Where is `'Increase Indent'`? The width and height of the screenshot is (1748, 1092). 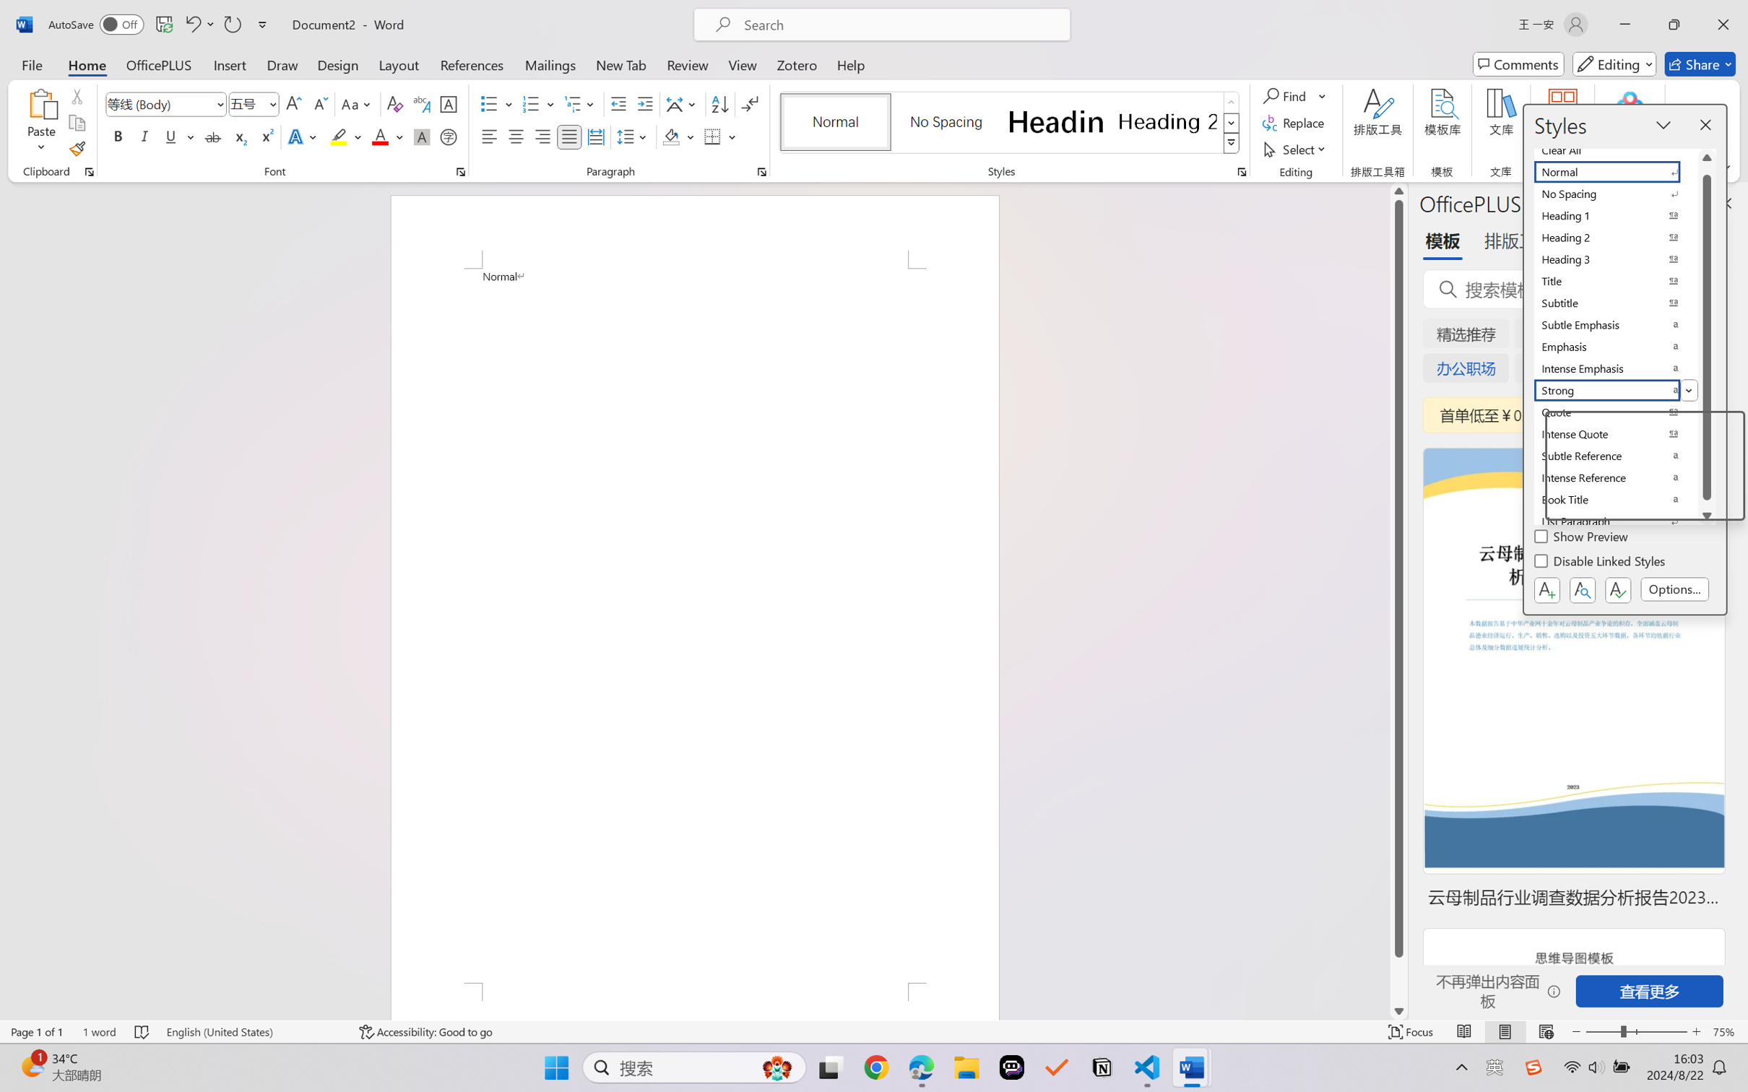 'Increase Indent' is located at coordinates (644, 104).